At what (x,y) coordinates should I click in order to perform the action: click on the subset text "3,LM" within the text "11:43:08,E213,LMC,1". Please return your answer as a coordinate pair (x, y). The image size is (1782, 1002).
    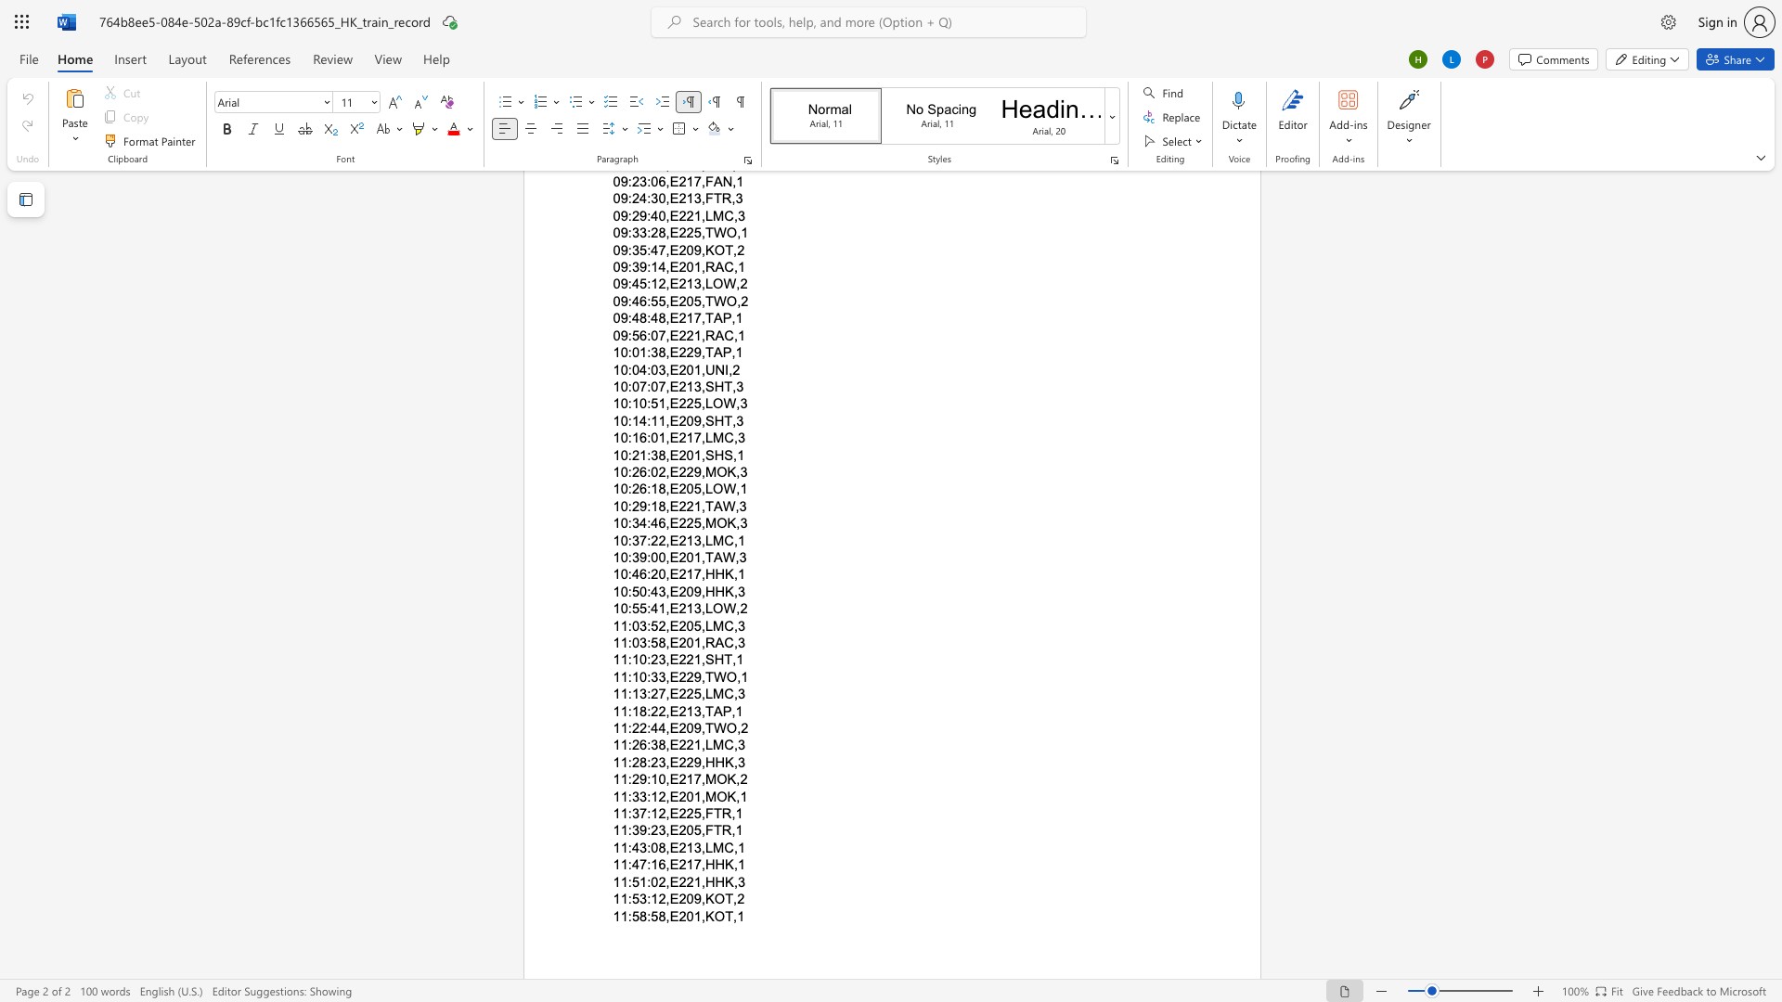
    Looking at the image, I should click on (692, 847).